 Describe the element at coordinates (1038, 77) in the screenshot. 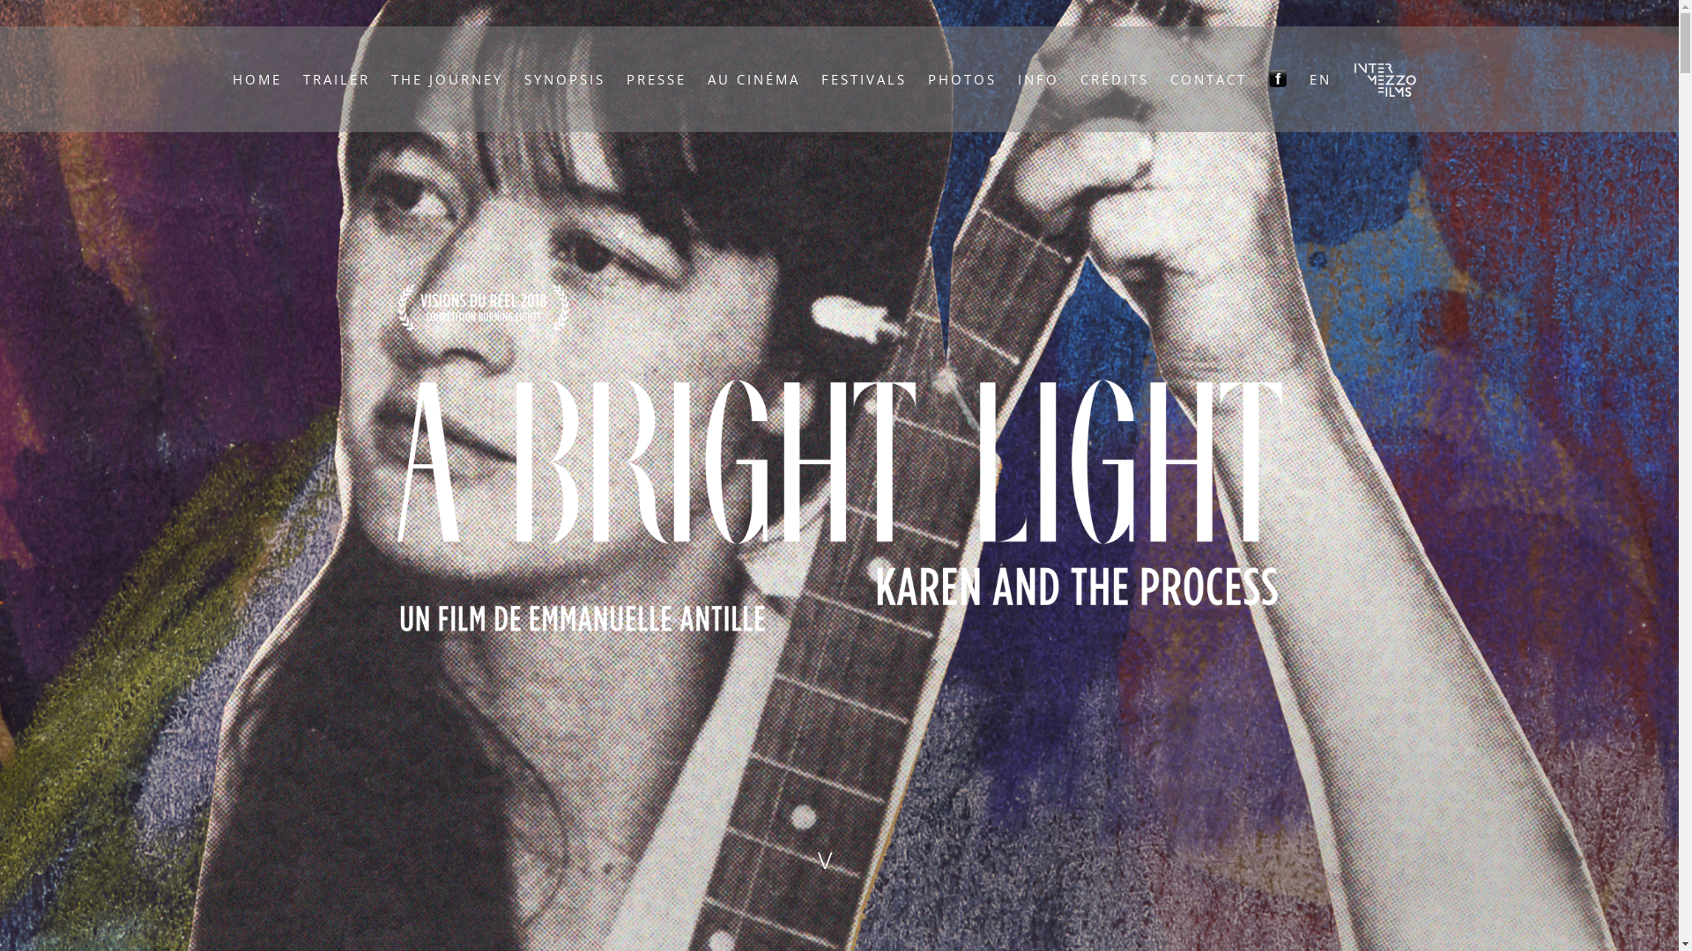

I see `'INFO'` at that location.